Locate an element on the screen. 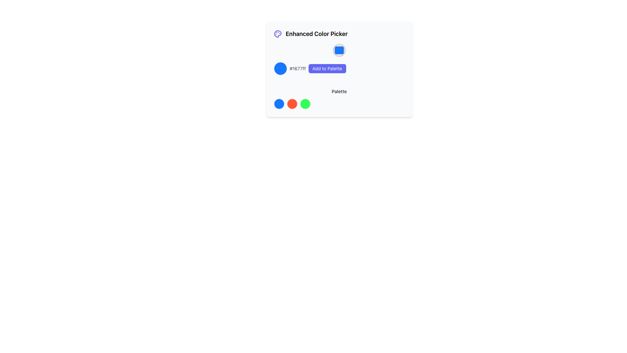 The width and height of the screenshot is (627, 353). the second color selection button for red (#ff5733) located in the bottom part of the interface is located at coordinates (292, 103).